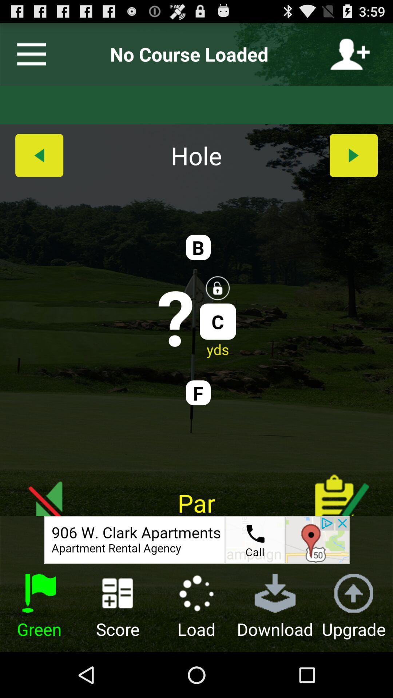 This screenshot has height=698, width=393. Describe the element at coordinates (350, 54) in the screenshot. I see `person` at that location.